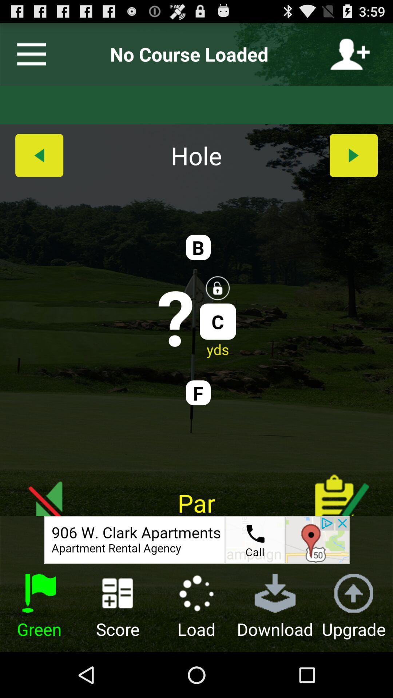 This screenshot has height=698, width=393. Describe the element at coordinates (350, 54) in the screenshot. I see `person` at that location.